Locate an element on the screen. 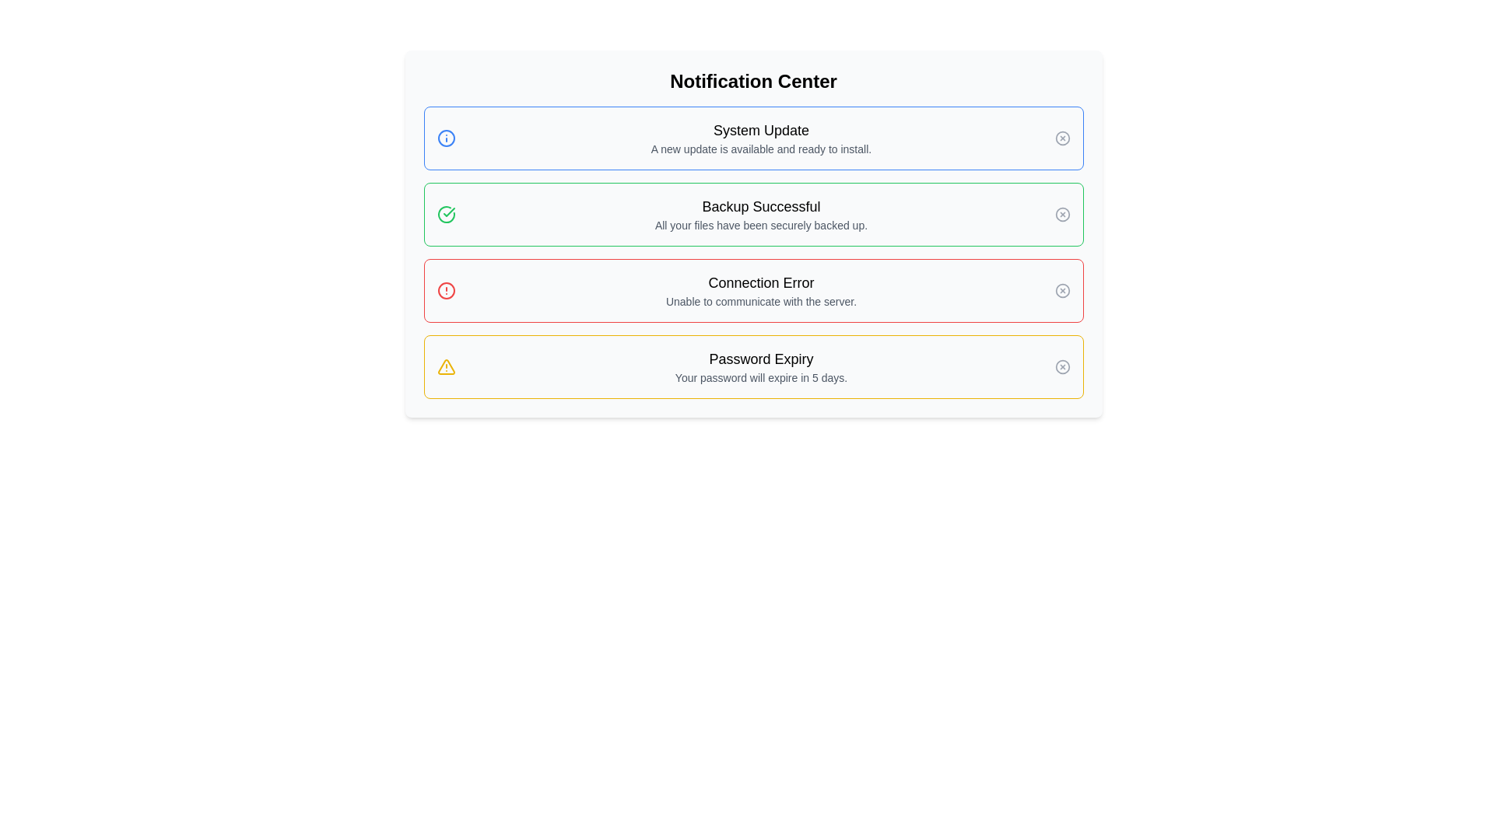  the circular icon button with an 'X' symbol located at the bottom-right corner of the 'Connection Error' notification box to change its color is located at coordinates (1061, 291).